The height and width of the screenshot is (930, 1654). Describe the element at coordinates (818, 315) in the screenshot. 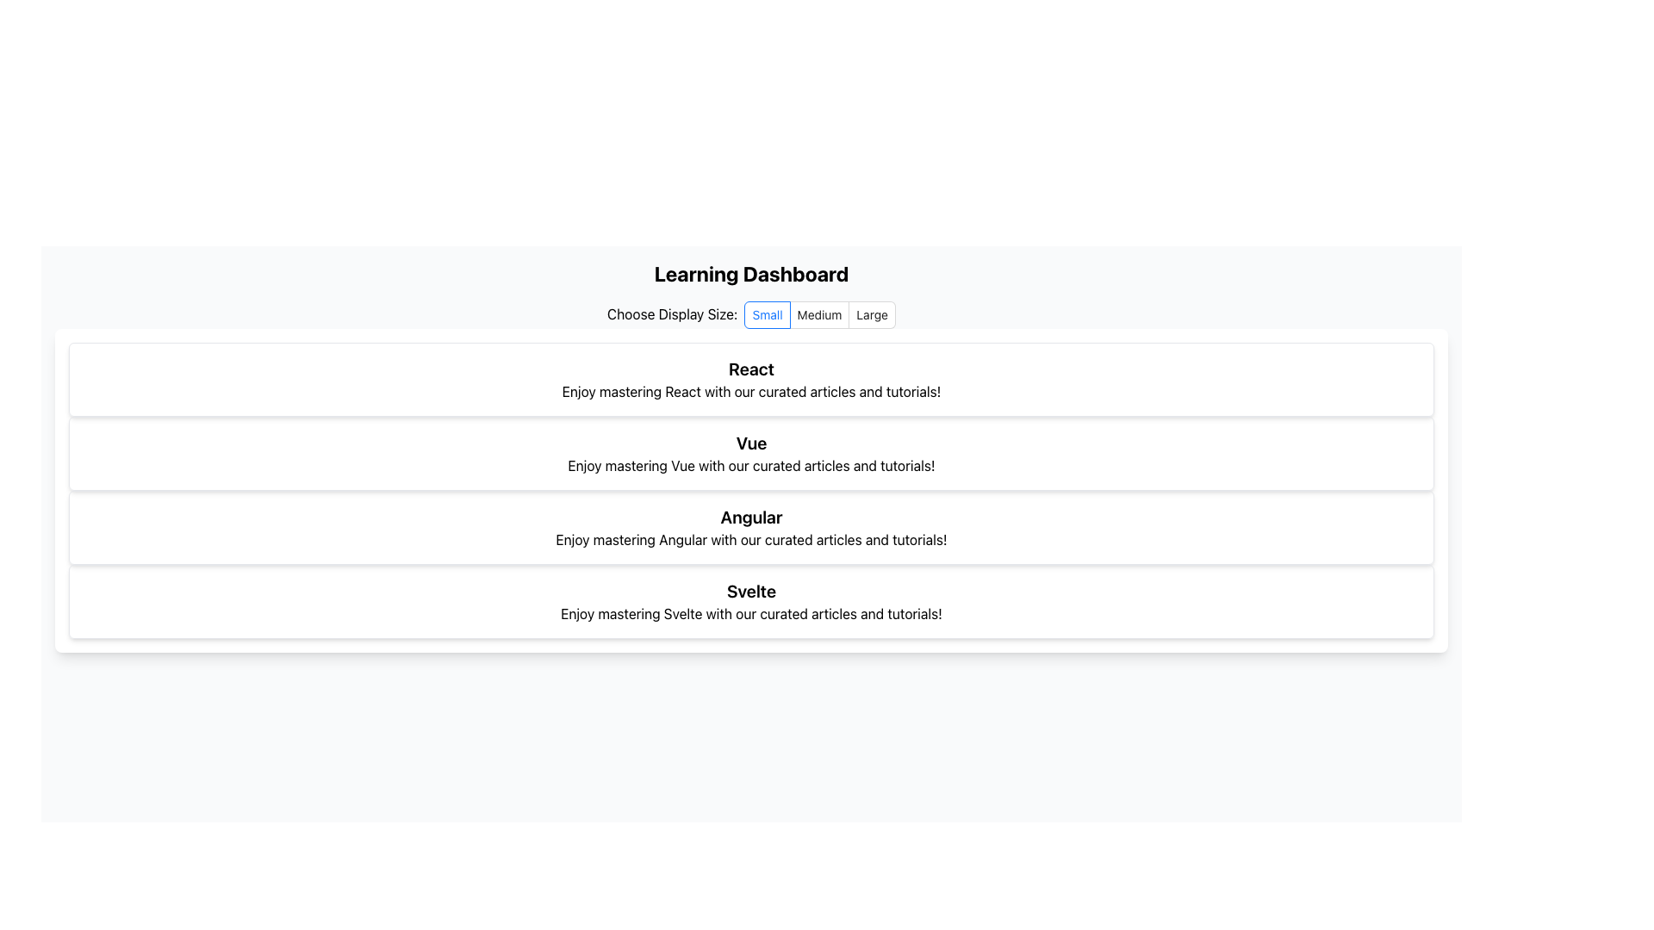

I see `the 'Medium' display size radio button` at that location.